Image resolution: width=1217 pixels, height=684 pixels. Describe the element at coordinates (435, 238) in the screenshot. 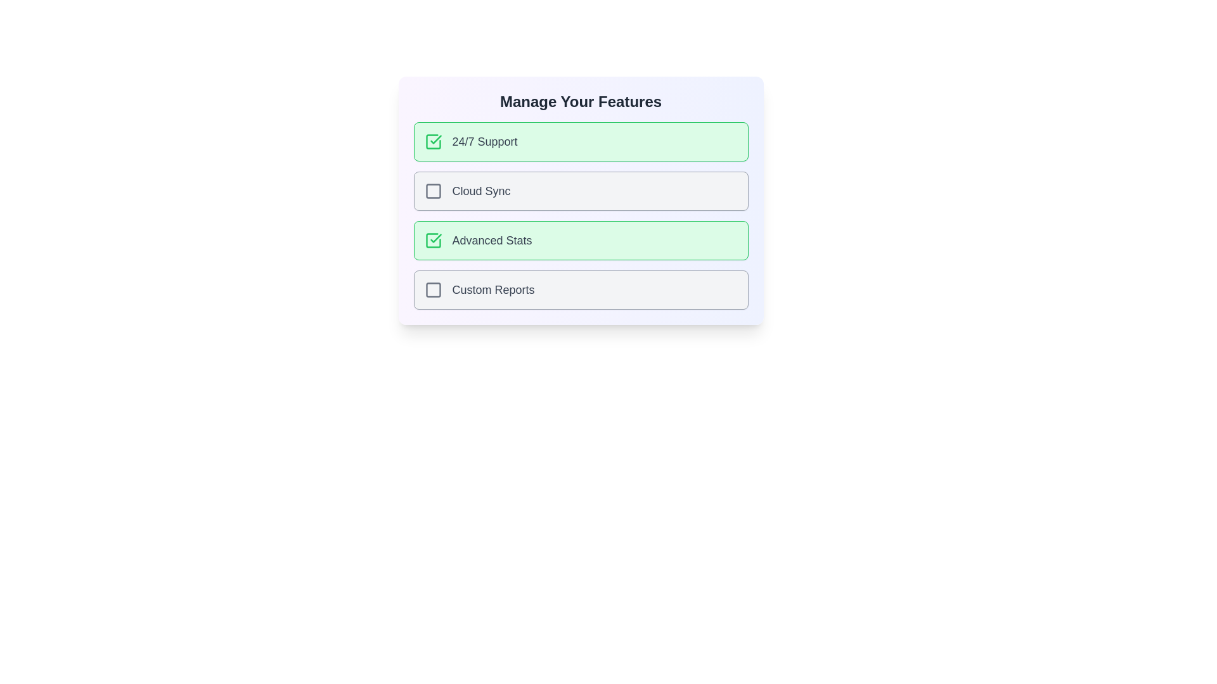

I see `the small green checkmark-shaped icon located within the highlighted rectangular button labeled '24/7 Support' at the top of the vertical stack of features` at that location.